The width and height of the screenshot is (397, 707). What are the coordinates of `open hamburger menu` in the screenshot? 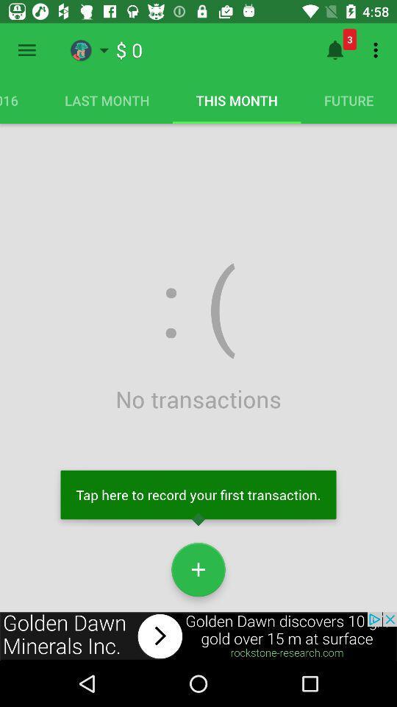 It's located at (26, 50).